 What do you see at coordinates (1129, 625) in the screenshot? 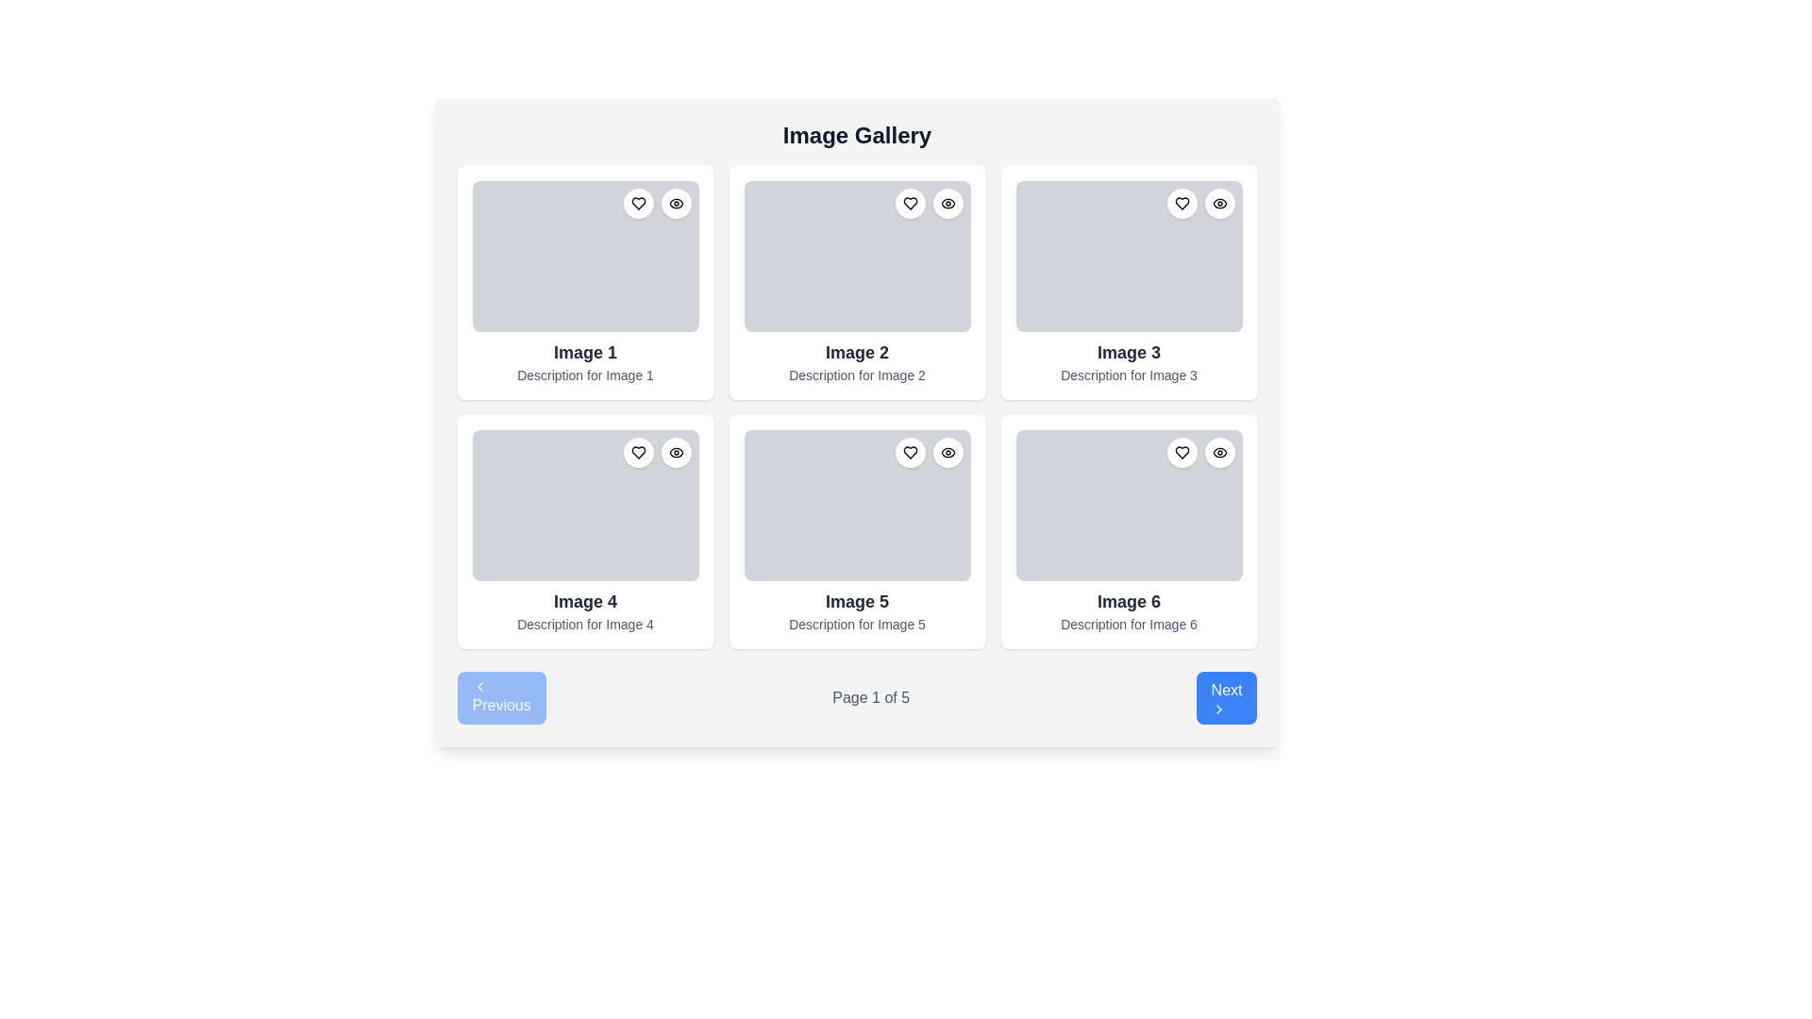
I see `the text label that reads 'Description for Image 6', which is displayed in gray font and located directly below the image labeled 'Image 6' within the sixth content card` at bounding box center [1129, 625].